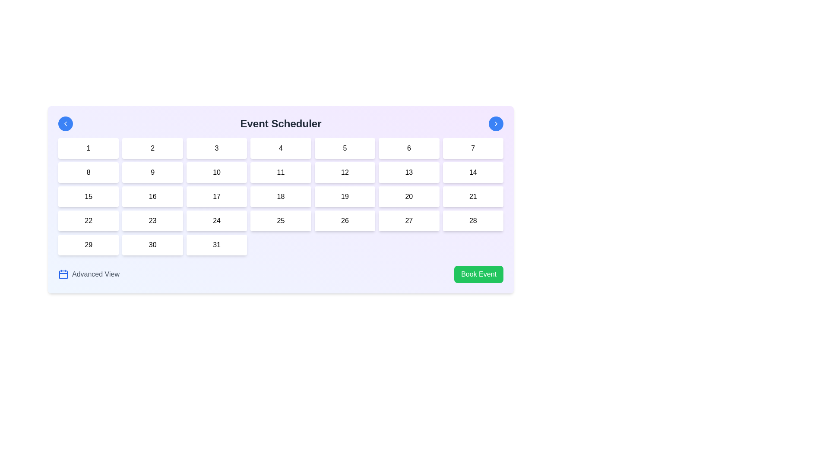 The height and width of the screenshot is (466, 829). I want to click on the chevron arrow inside the circular blue button located at the top-right corner of the interface, so click(496, 123).